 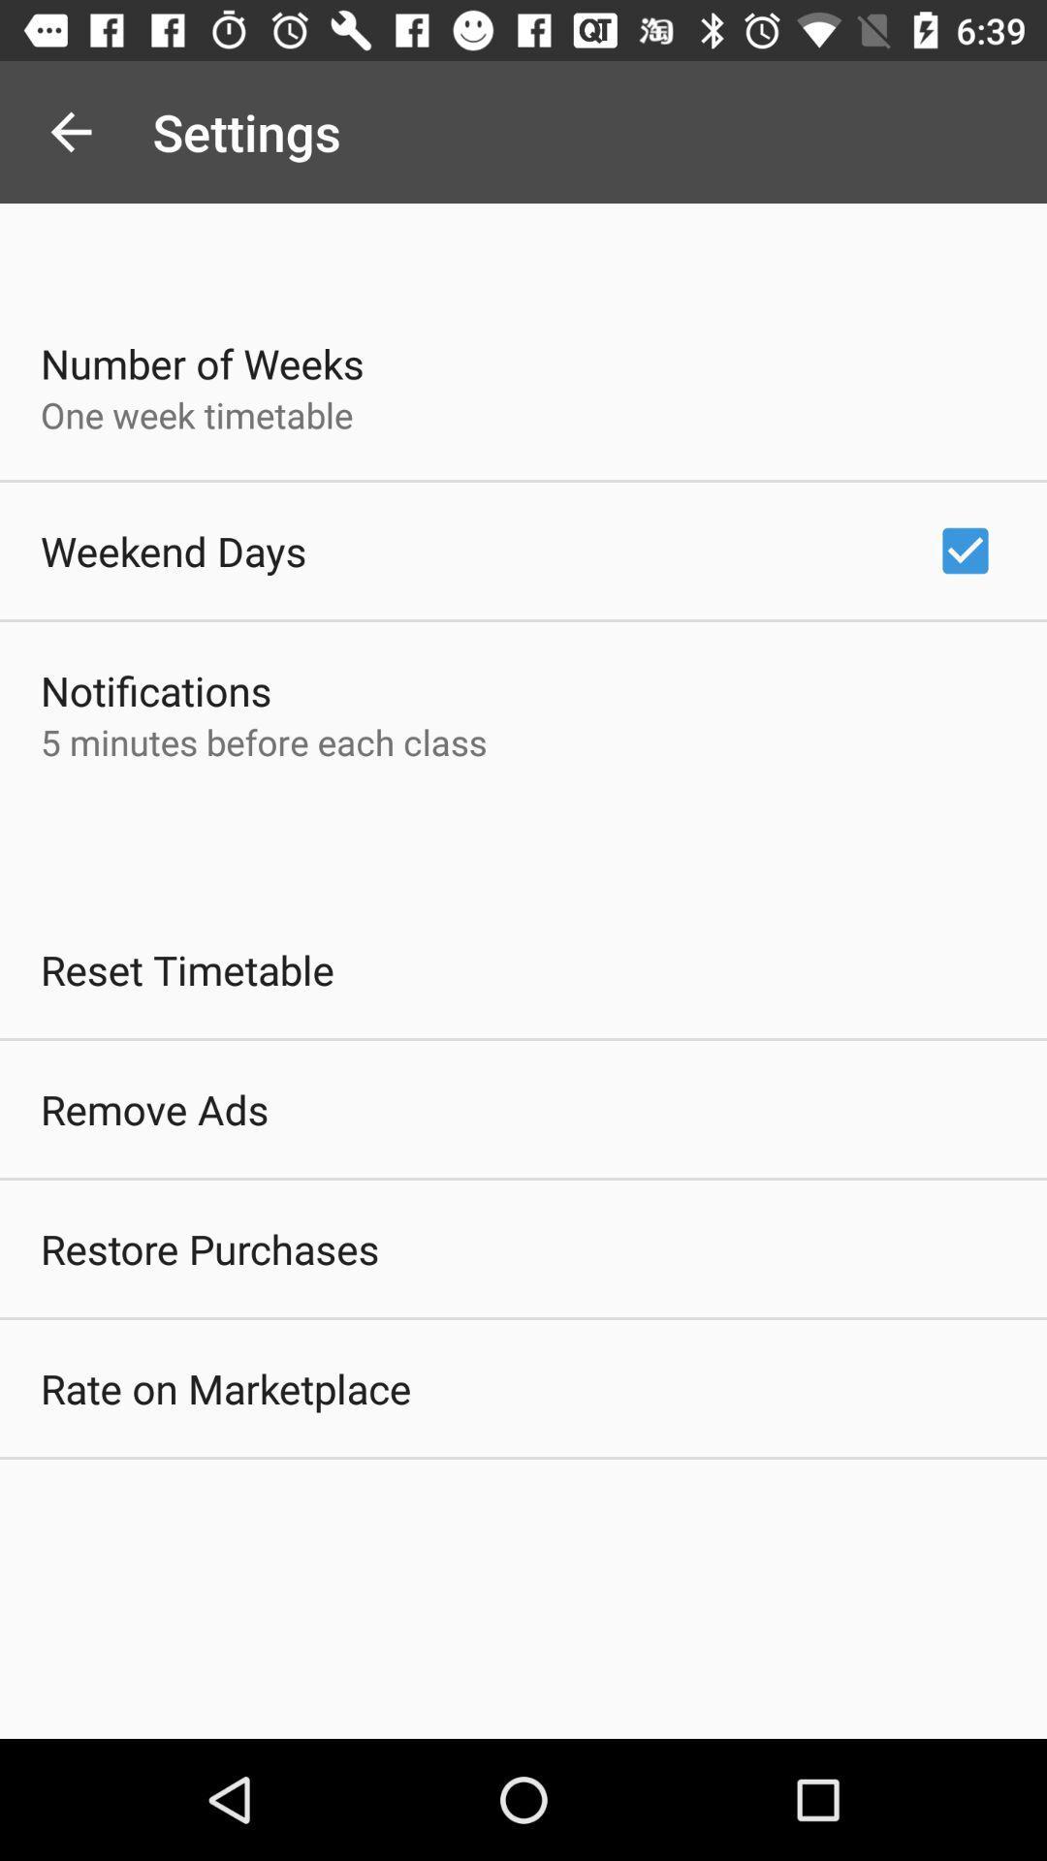 What do you see at coordinates (965, 550) in the screenshot?
I see `checkbox at the top right corner` at bounding box center [965, 550].